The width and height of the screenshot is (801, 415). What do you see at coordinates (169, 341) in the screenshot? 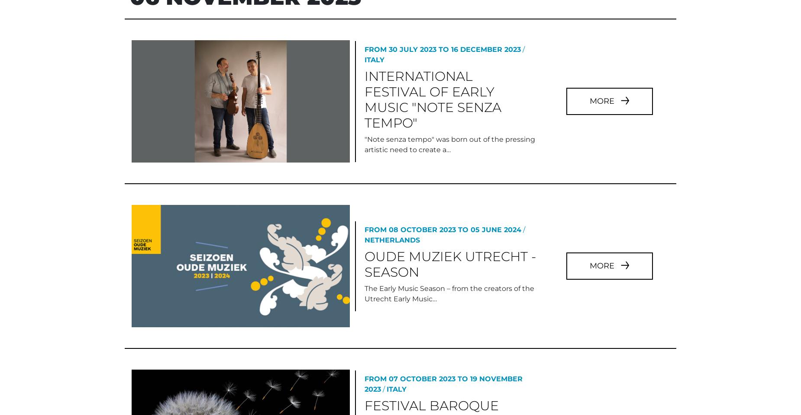
I see `'We use cookies to personalise content and ads, to provide social media features and to analyse our traffic. We also share information about your use of our site with our social media, advertising and analytics partners who may combine it with other information that you’ve provided to them or that they’ve collected from your use of their services.'` at bounding box center [169, 341].